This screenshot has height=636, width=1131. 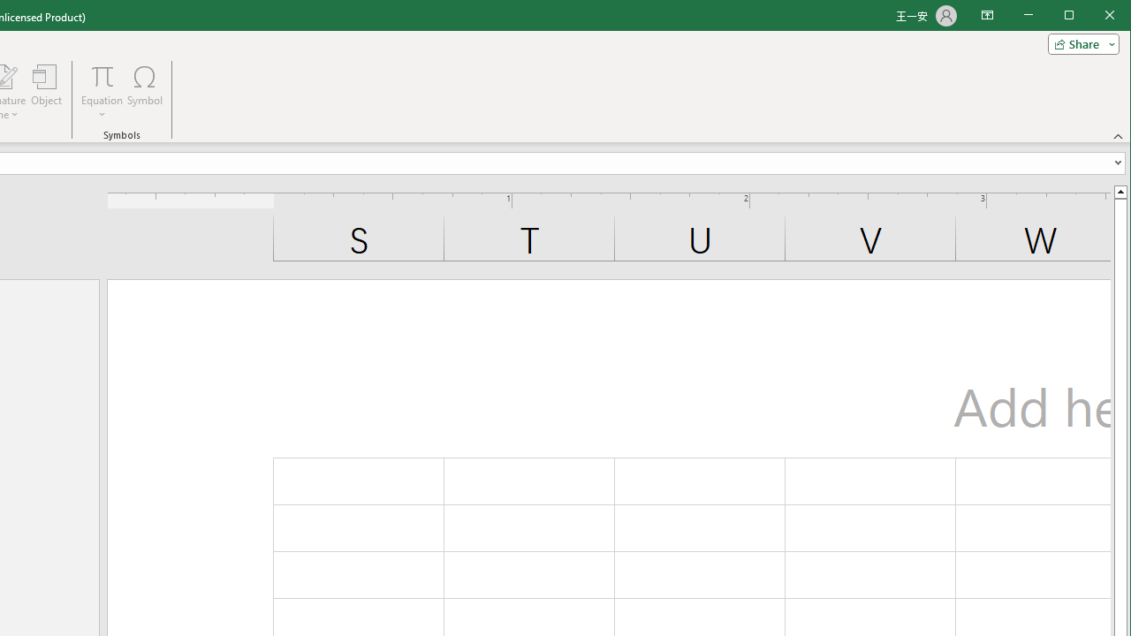 What do you see at coordinates (101, 75) in the screenshot?
I see `'Equation'` at bounding box center [101, 75].